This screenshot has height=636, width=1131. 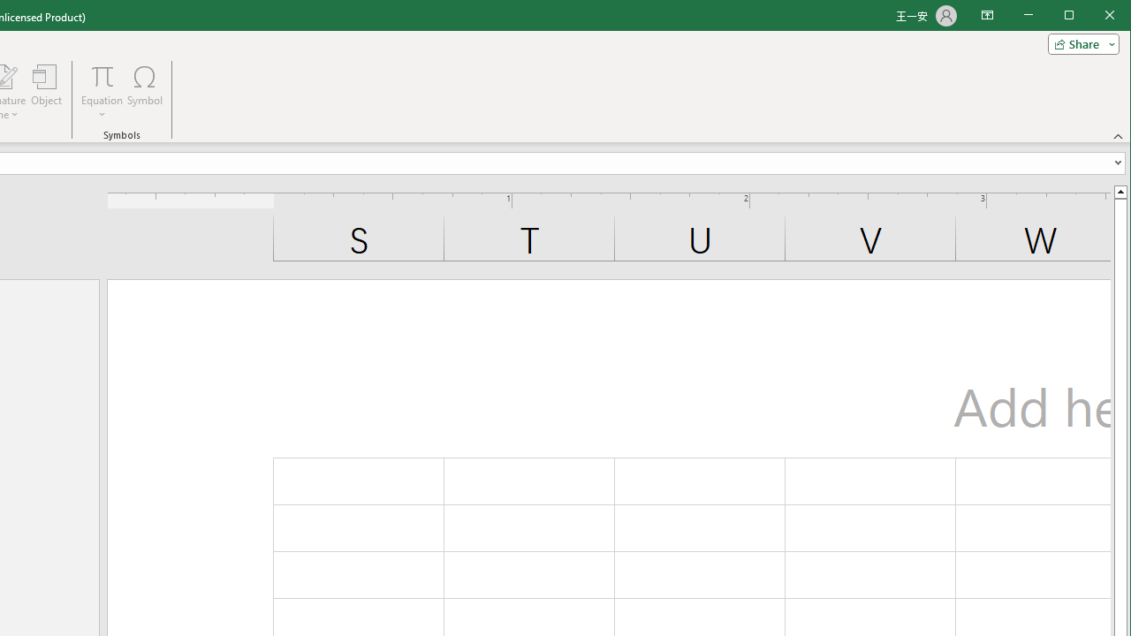 What do you see at coordinates (101, 75) in the screenshot?
I see `'Equation'` at bounding box center [101, 75].